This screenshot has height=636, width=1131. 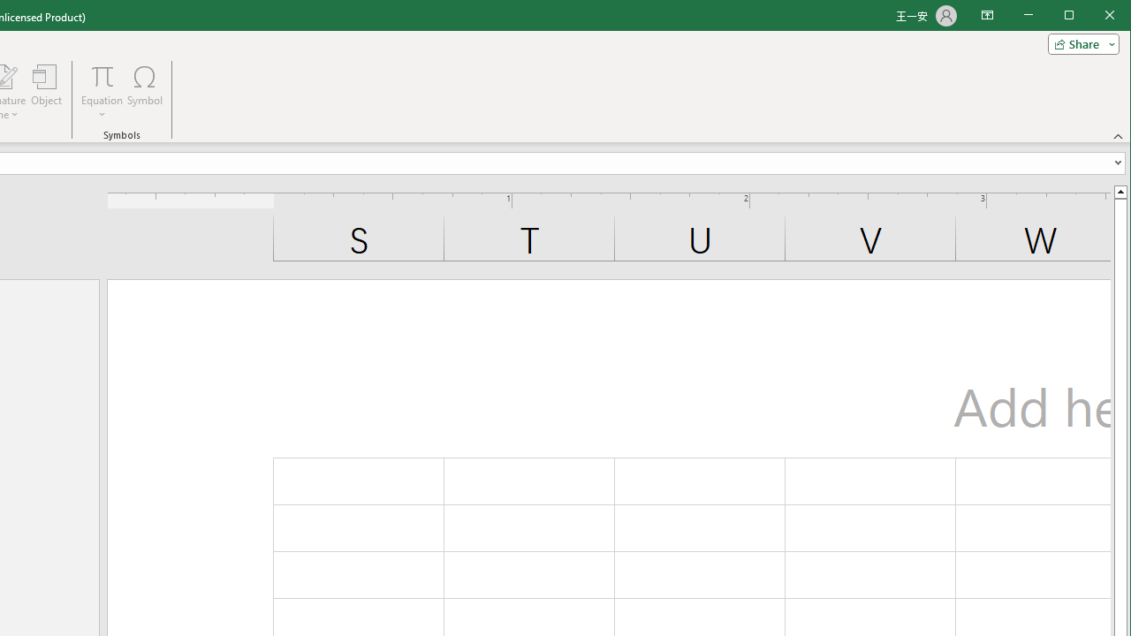 What do you see at coordinates (101, 75) in the screenshot?
I see `'Equation'` at bounding box center [101, 75].